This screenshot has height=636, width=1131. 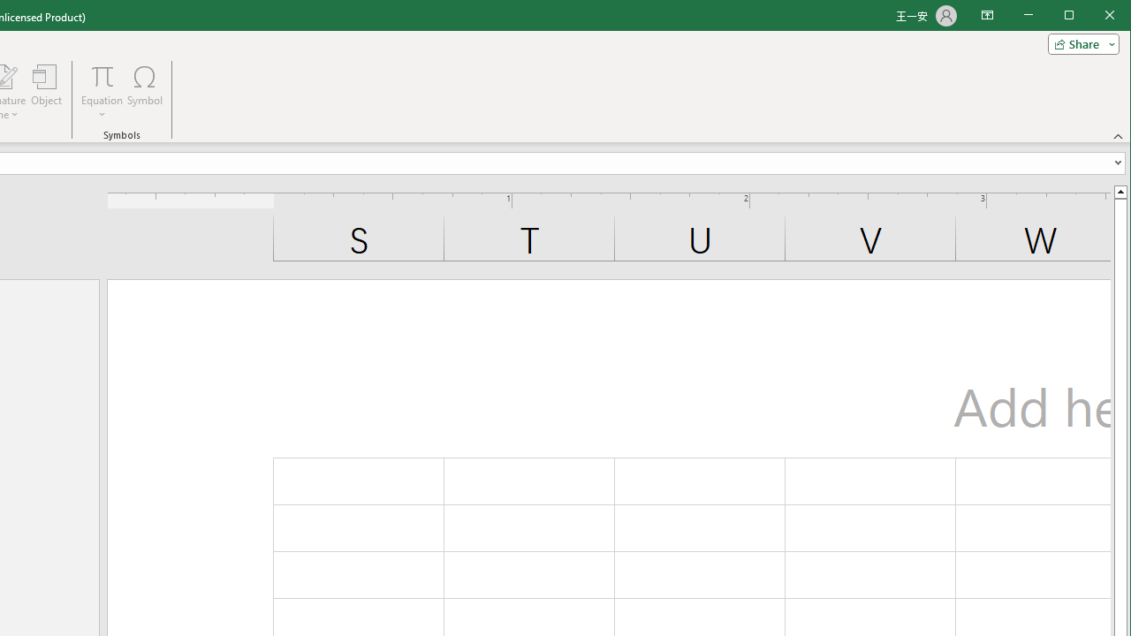 What do you see at coordinates (101, 75) in the screenshot?
I see `'Equation'` at bounding box center [101, 75].